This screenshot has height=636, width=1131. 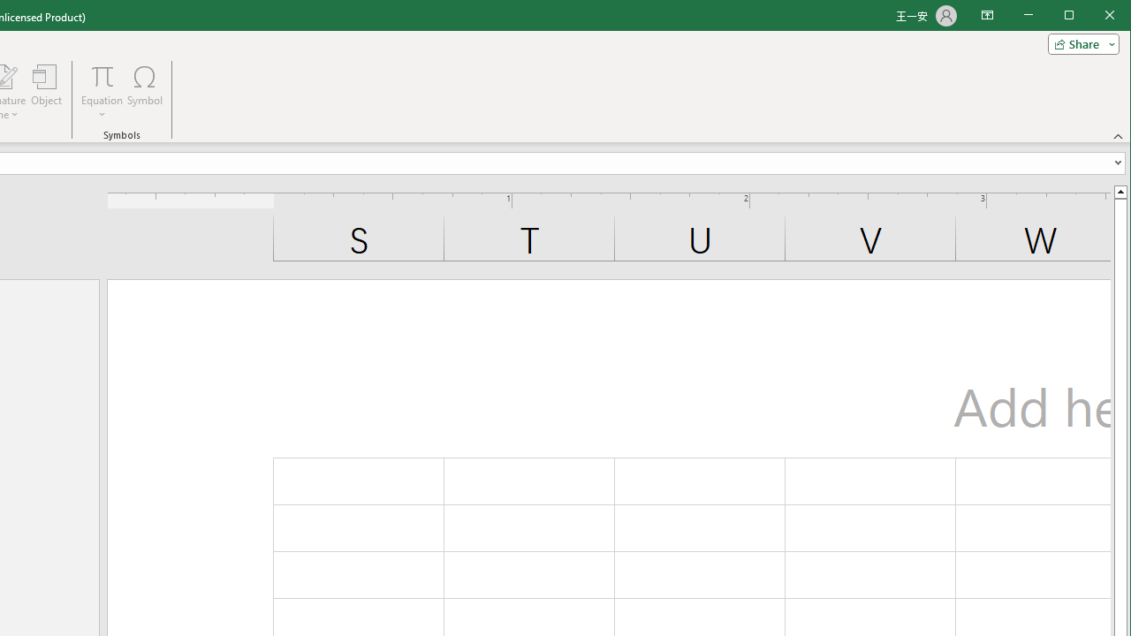 What do you see at coordinates (101, 75) in the screenshot?
I see `'Equation'` at bounding box center [101, 75].